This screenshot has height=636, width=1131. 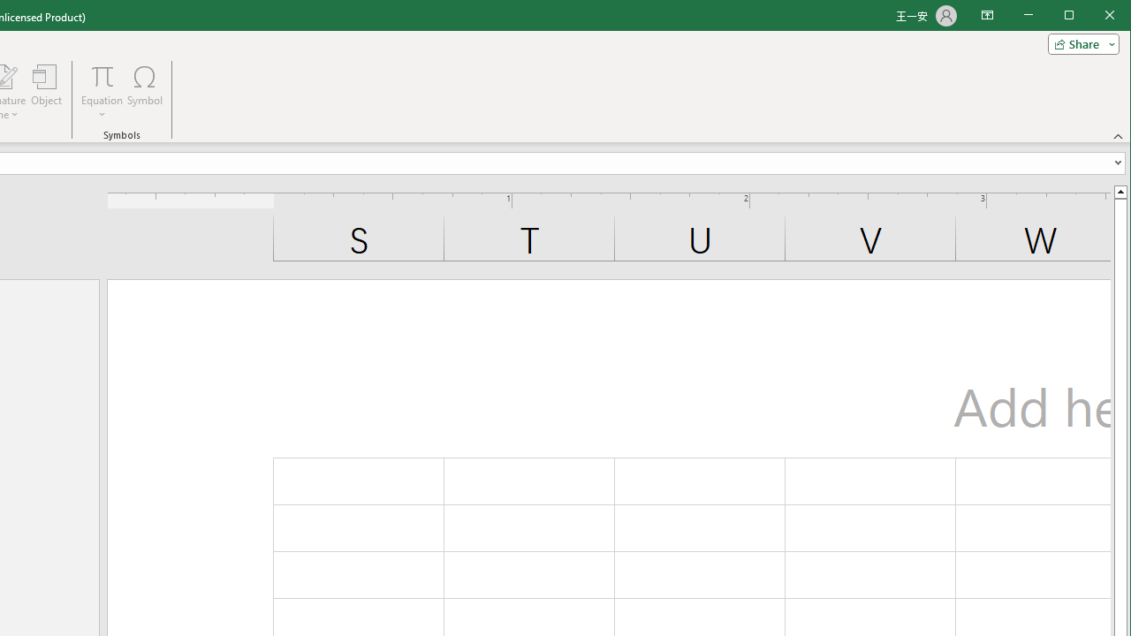 What do you see at coordinates (101, 75) in the screenshot?
I see `'Equation'` at bounding box center [101, 75].